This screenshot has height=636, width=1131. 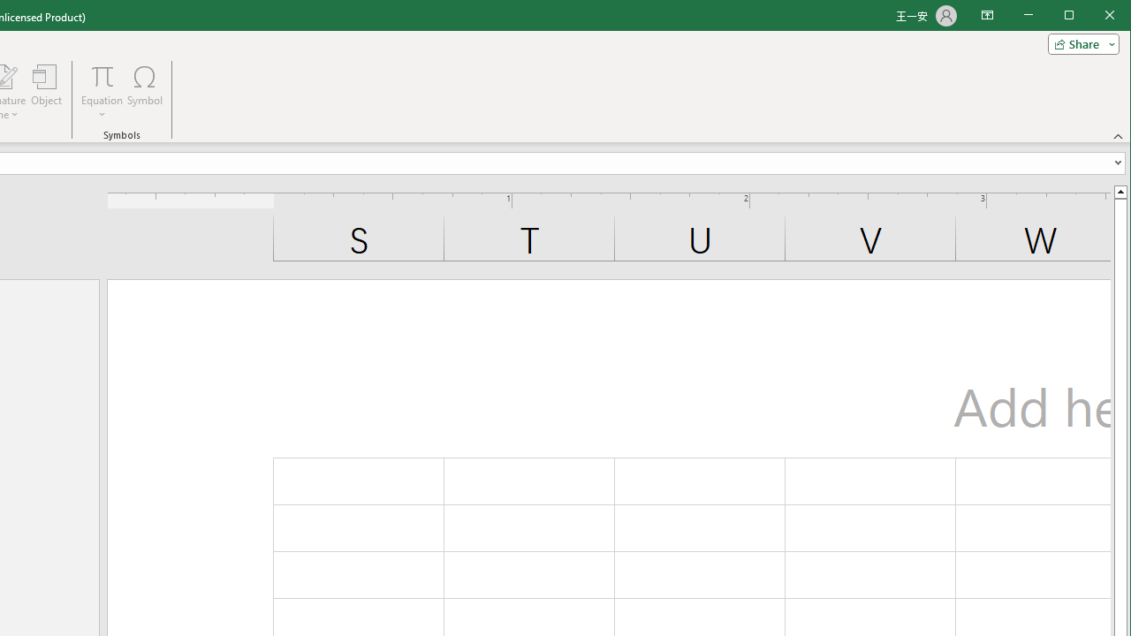 What do you see at coordinates (101, 75) in the screenshot?
I see `'Equation'` at bounding box center [101, 75].